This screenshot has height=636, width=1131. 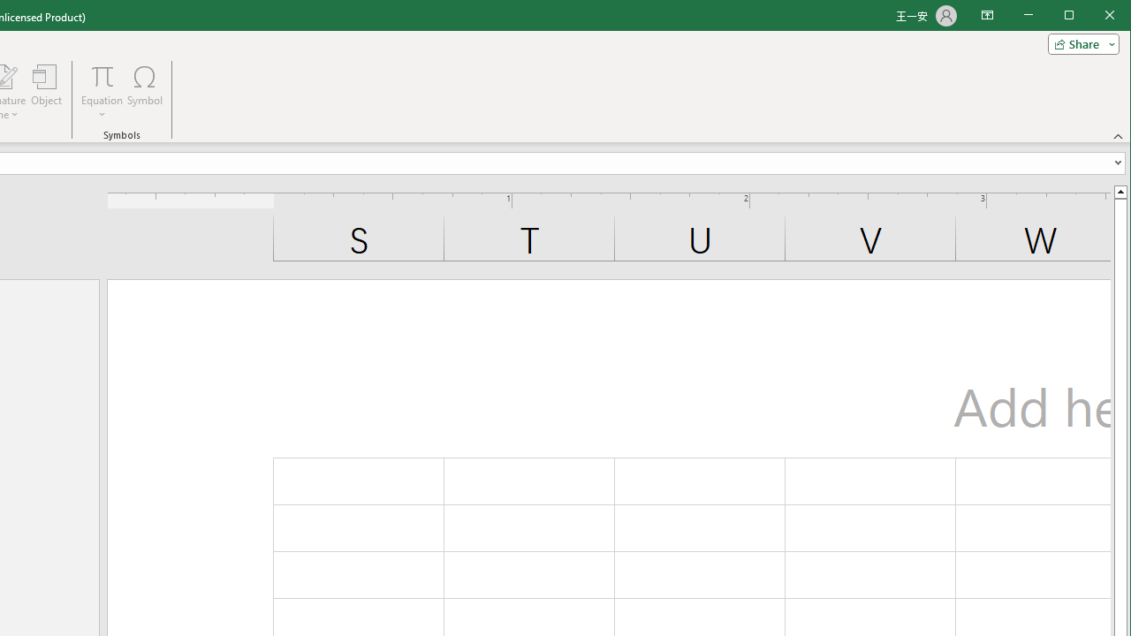 What do you see at coordinates (101, 75) in the screenshot?
I see `'Equation'` at bounding box center [101, 75].